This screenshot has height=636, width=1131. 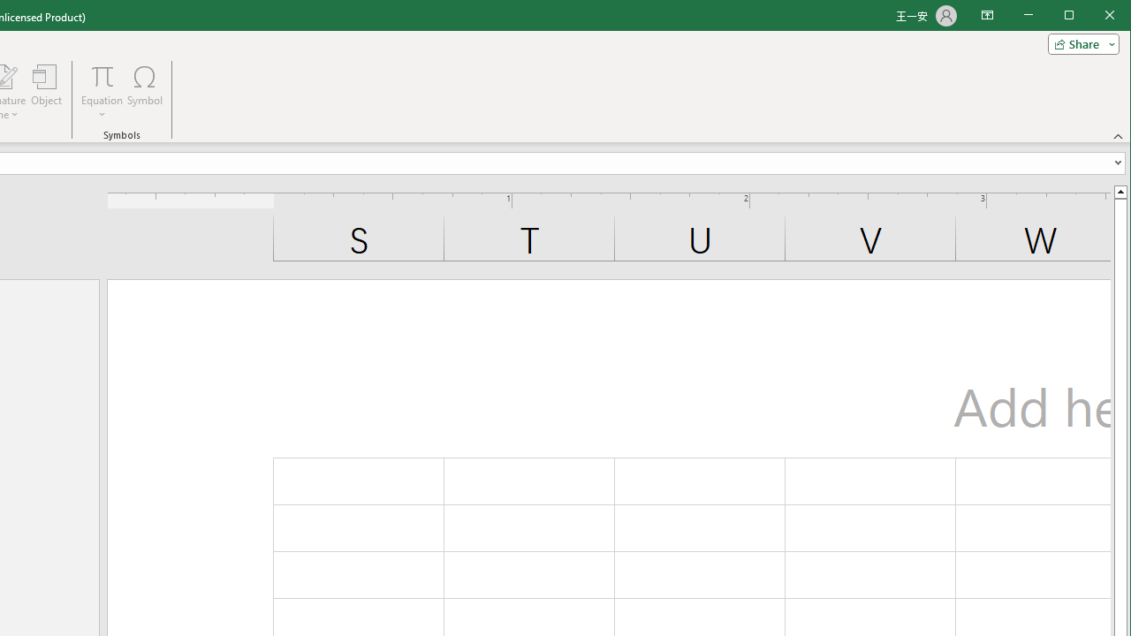 What do you see at coordinates (101, 75) in the screenshot?
I see `'Equation'` at bounding box center [101, 75].